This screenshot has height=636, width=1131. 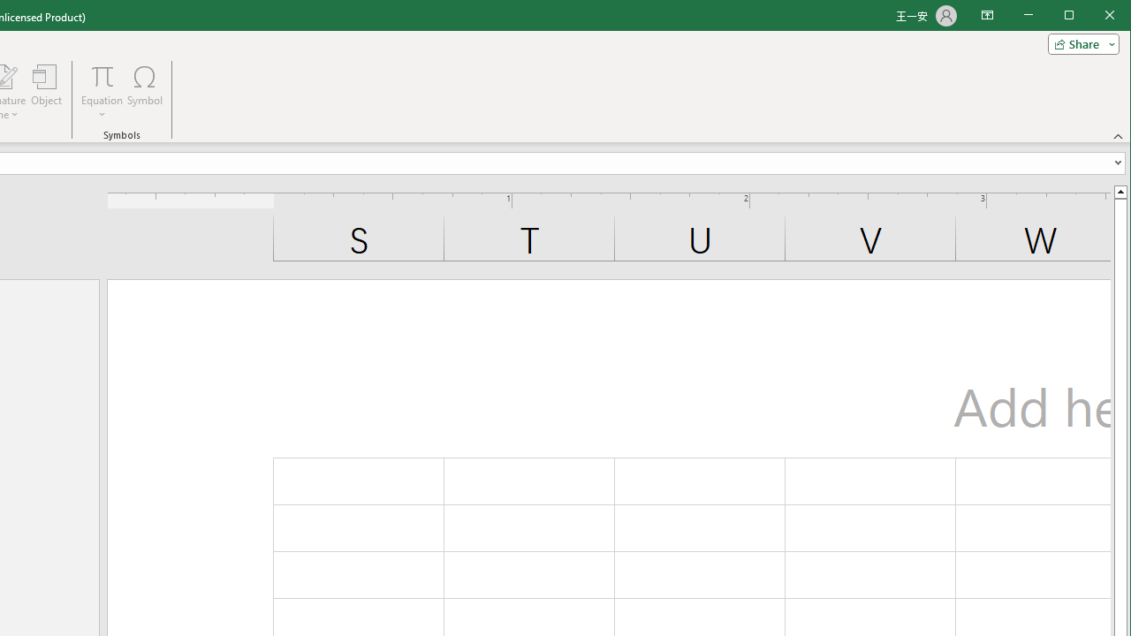 What do you see at coordinates (101, 75) in the screenshot?
I see `'Equation'` at bounding box center [101, 75].